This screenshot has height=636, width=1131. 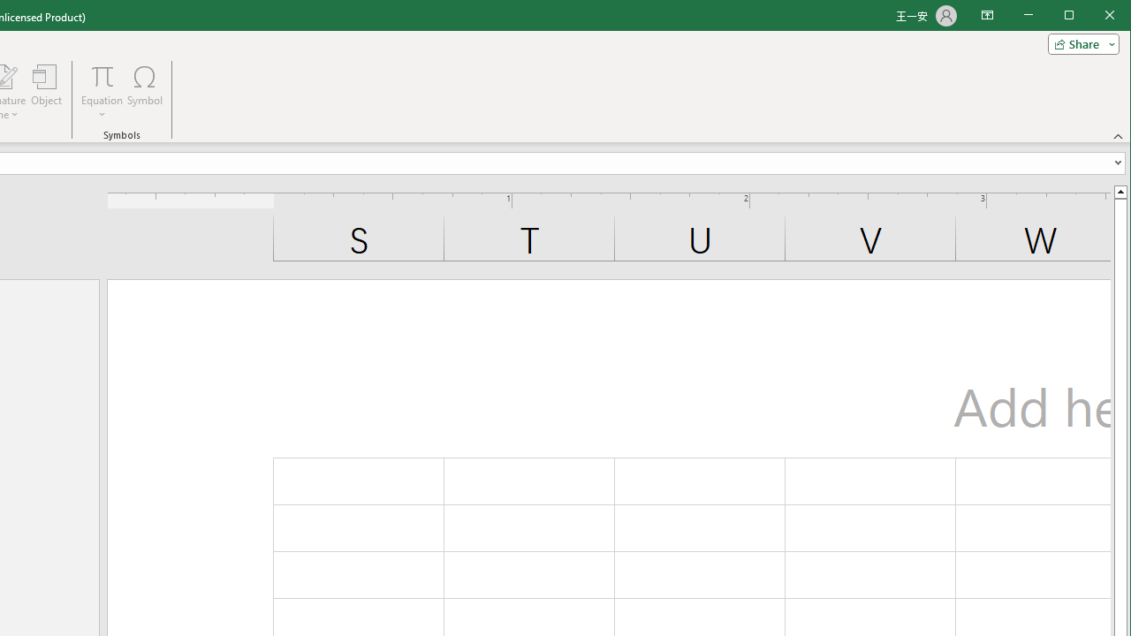 What do you see at coordinates (101, 75) in the screenshot?
I see `'Equation'` at bounding box center [101, 75].